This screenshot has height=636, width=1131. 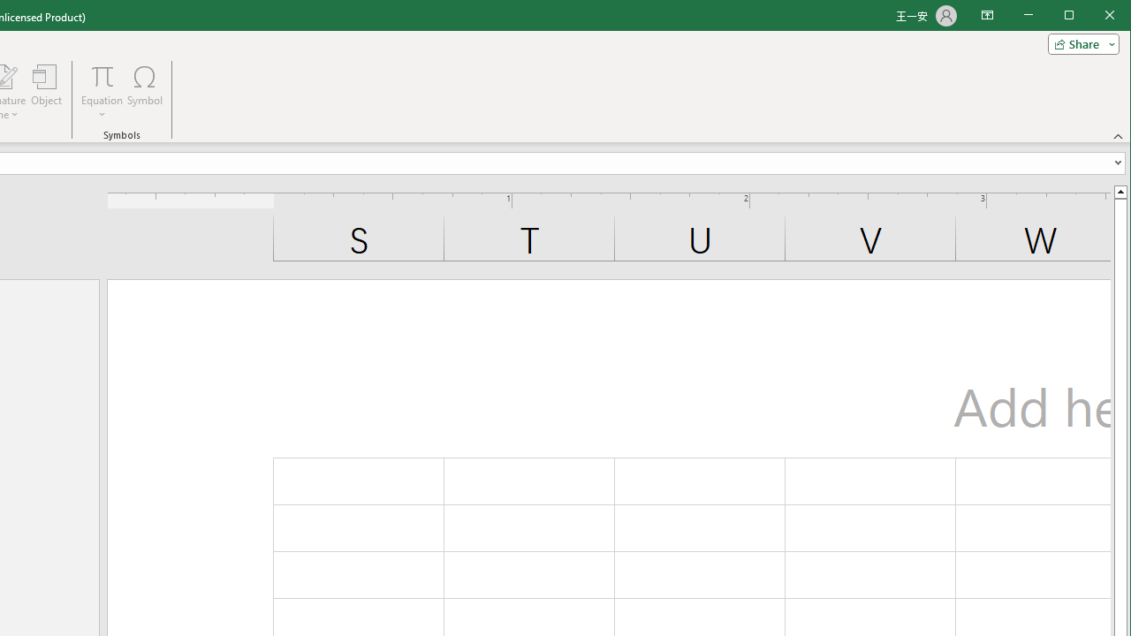 What do you see at coordinates (101, 75) in the screenshot?
I see `'Equation'` at bounding box center [101, 75].